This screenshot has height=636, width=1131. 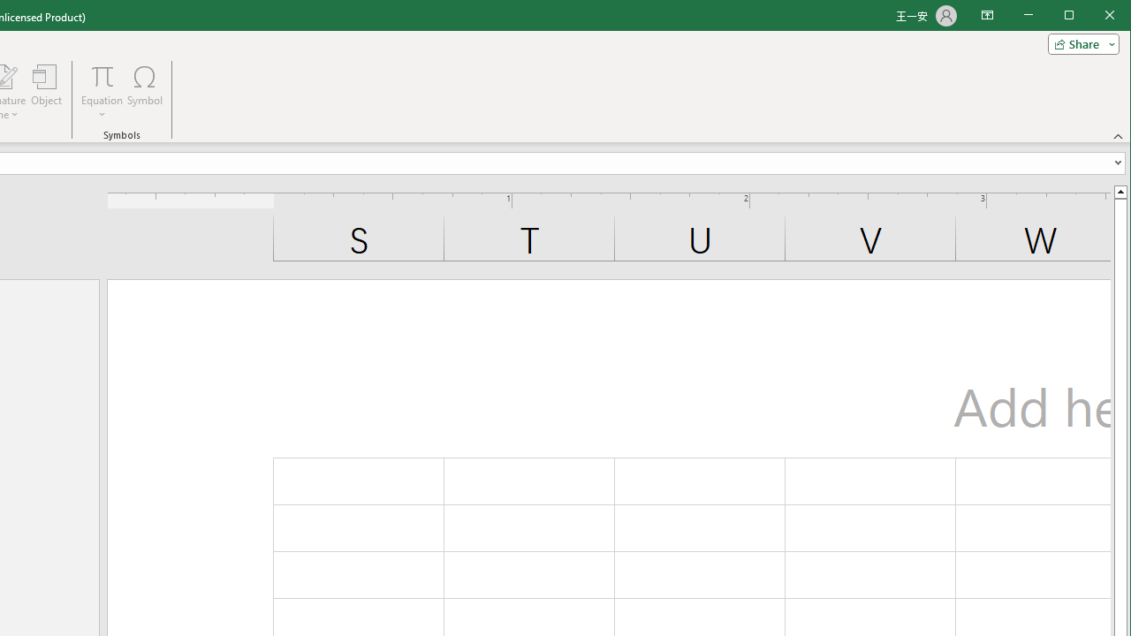 What do you see at coordinates (101, 75) in the screenshot?
I see `'Equation'` at bounding box center [101, 75].